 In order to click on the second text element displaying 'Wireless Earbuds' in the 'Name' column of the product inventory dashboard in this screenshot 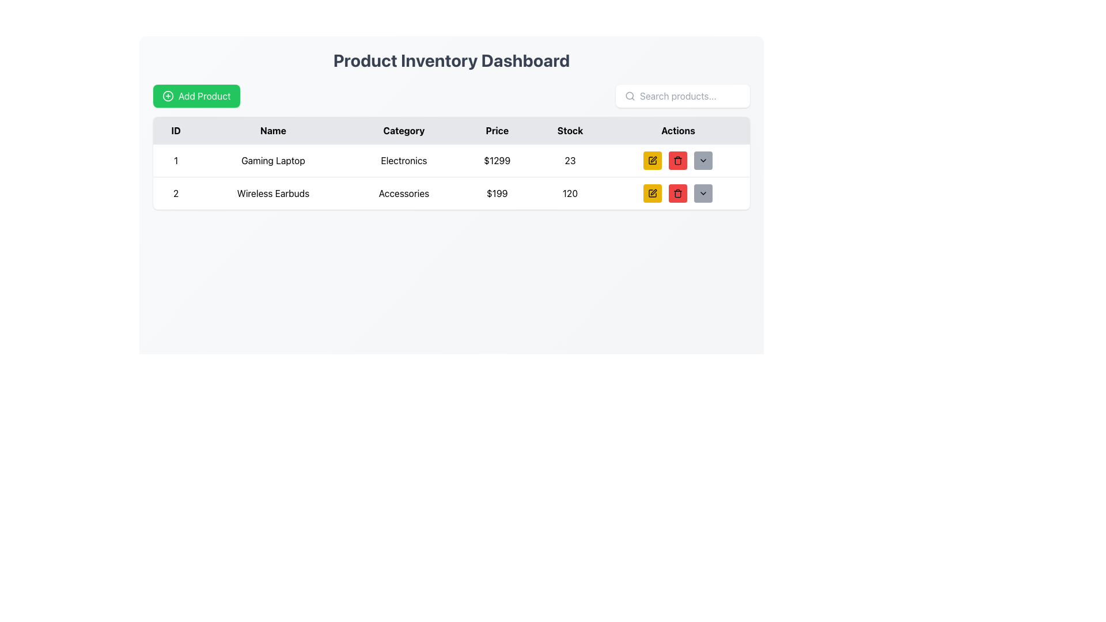, I will do `click(272, 192)`.